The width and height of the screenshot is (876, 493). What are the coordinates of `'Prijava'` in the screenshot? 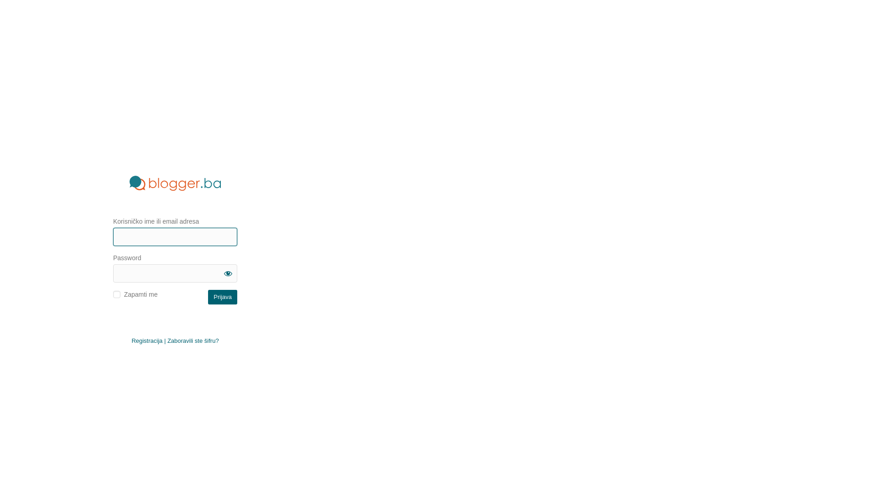 It's located at (223, 297).